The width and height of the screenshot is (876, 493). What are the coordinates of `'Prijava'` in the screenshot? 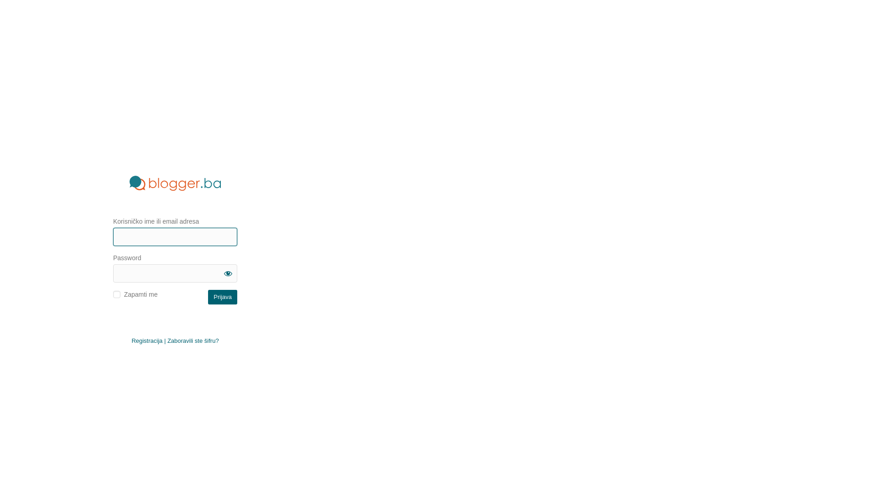 It's located at (223, 297).